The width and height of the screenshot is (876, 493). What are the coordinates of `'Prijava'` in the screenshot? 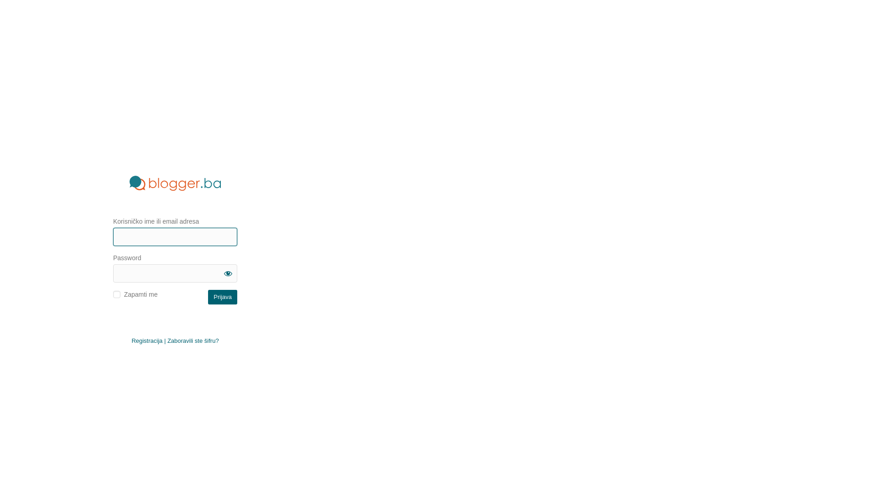 It's located at (223, 297).